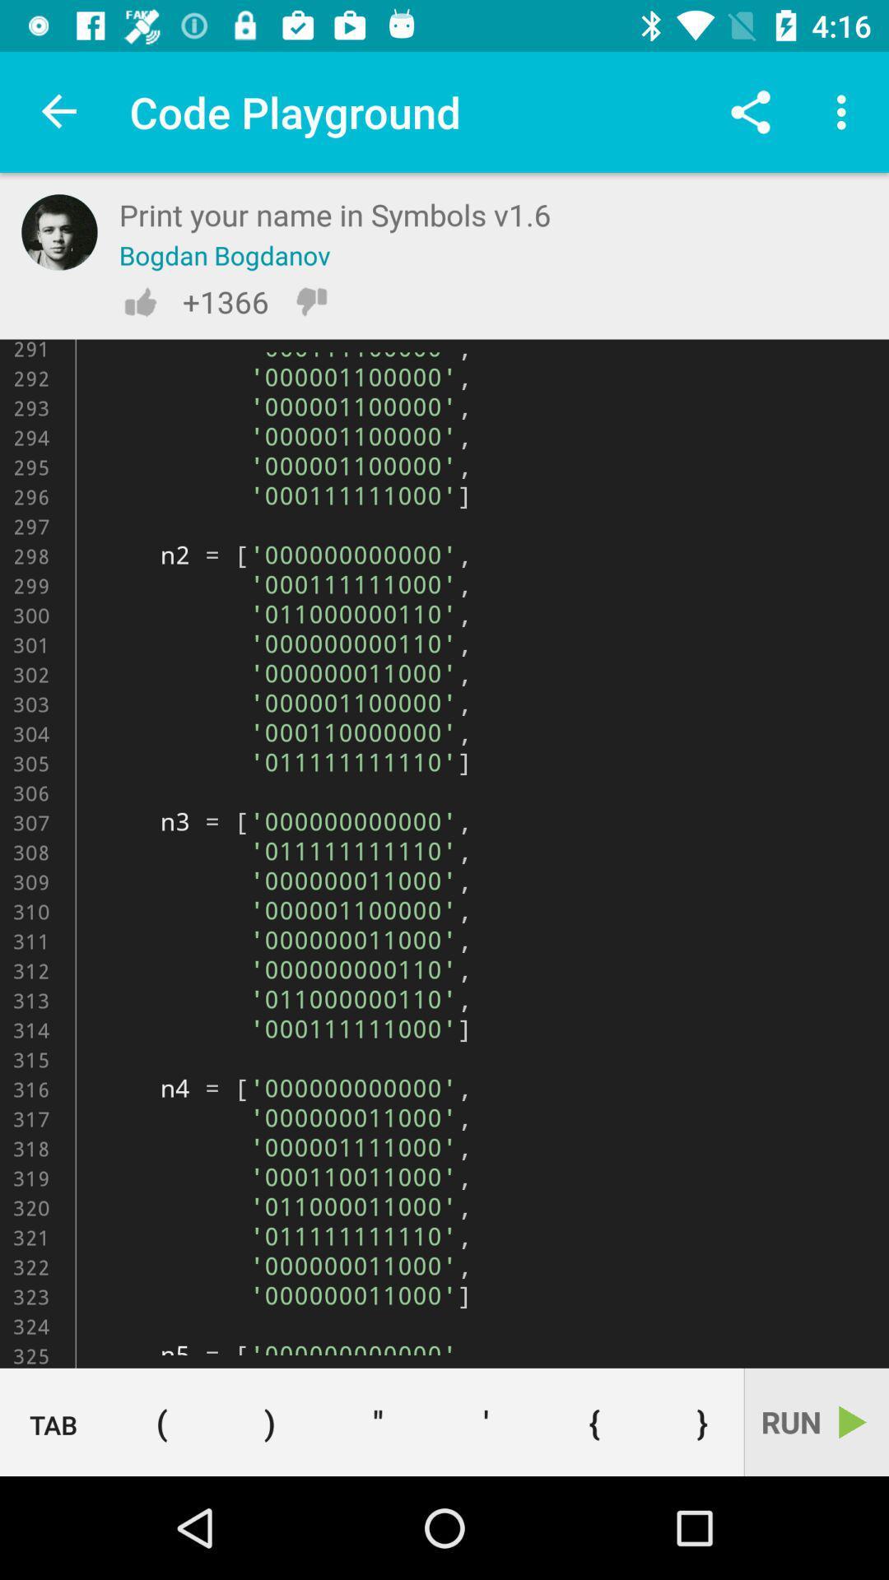 This screenshot has width=889, height=1580. I want to click on the share button on the web page, so click(750, 112).